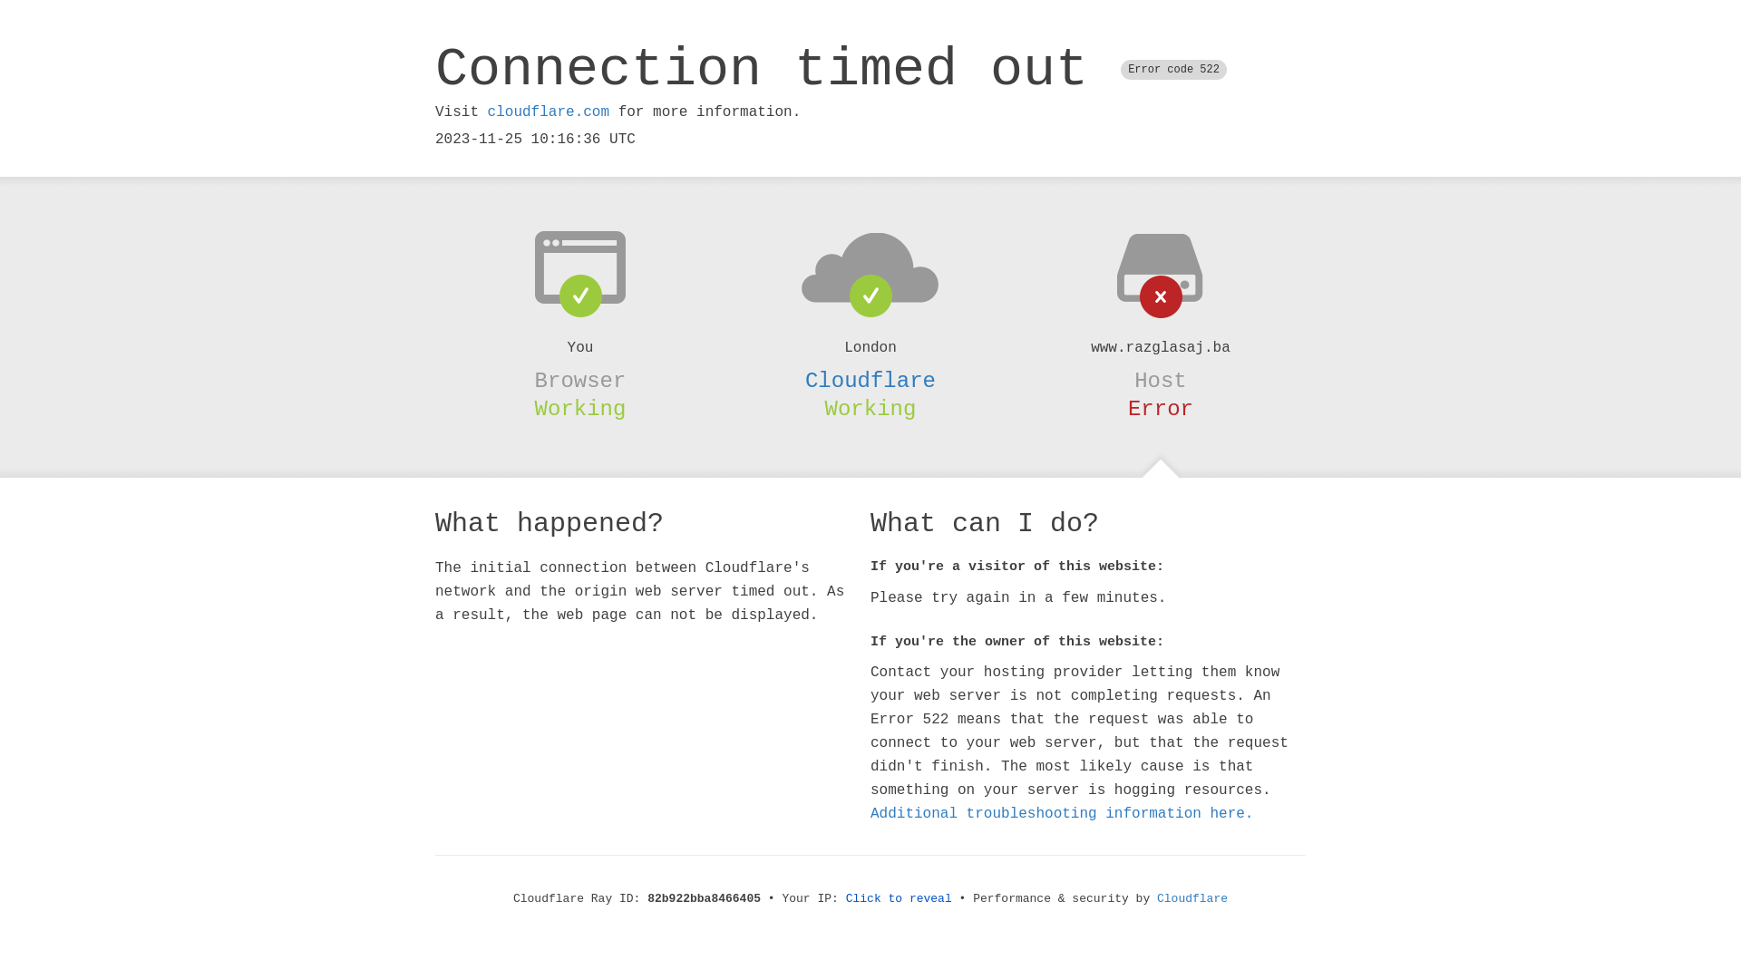 This screenshot has height=979, width=1741. Describe the element at coordinates (870, 380) in the screenshot. I see `'Cloudflare'` at that location.